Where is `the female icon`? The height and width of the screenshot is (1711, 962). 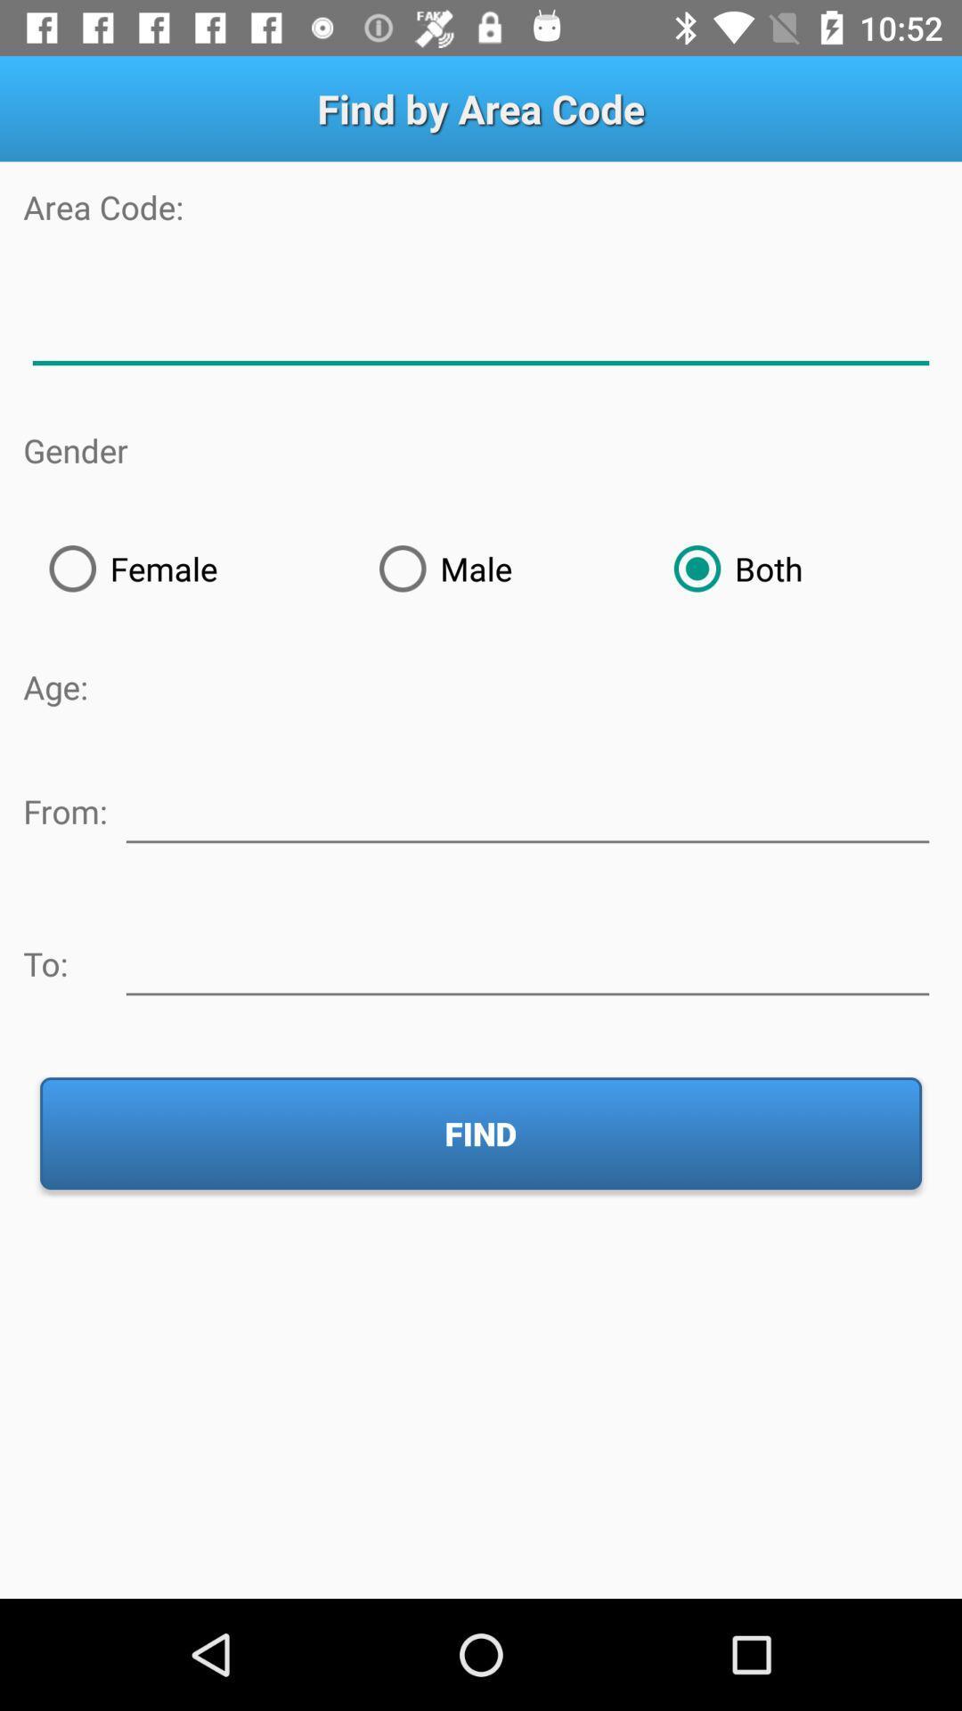 the female icon is located at coordinates (188, 568).